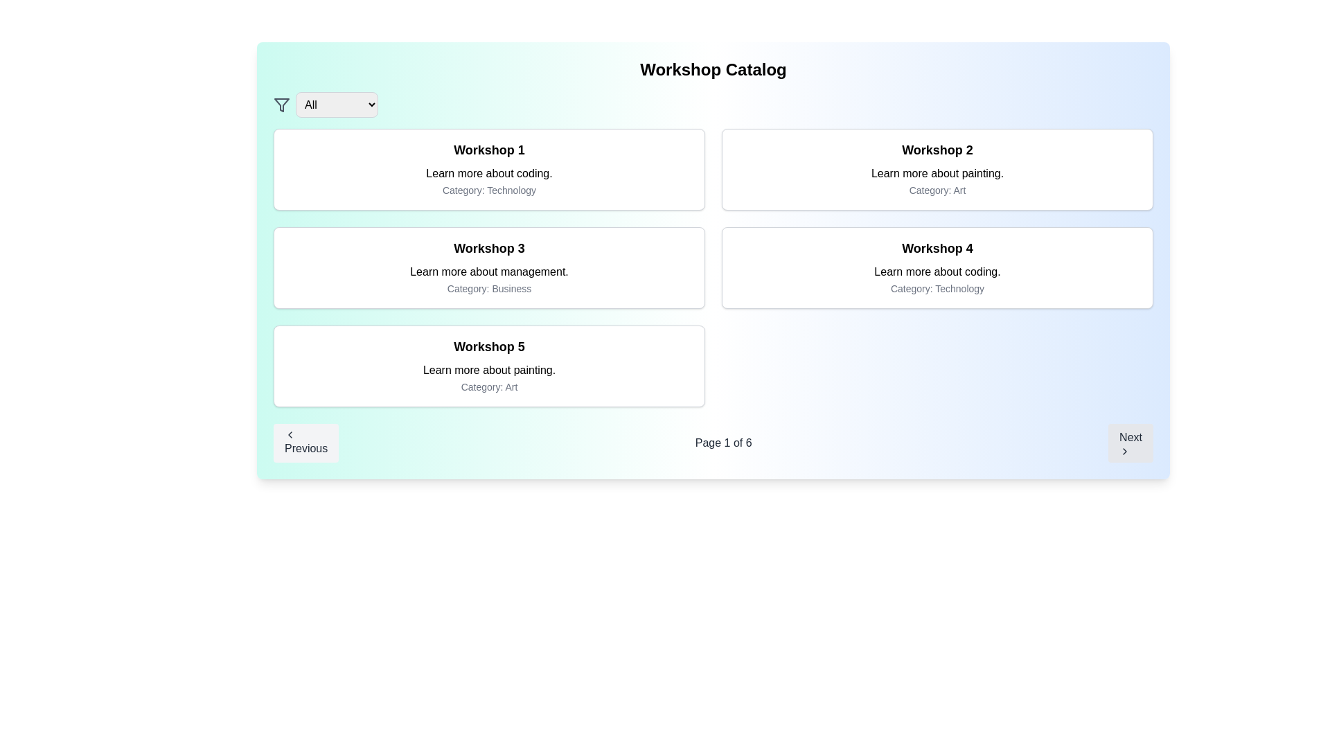 This screenshot has height=748, width=1330. Describe the element at coordinates (489, 169) in the screenshot. I see `the first workshop card in the grid layout, which has a white background, rounded corners, and contains the text 'Workshop 1', 'Learn more about coding.', and 'Category: Technology'` at that location.